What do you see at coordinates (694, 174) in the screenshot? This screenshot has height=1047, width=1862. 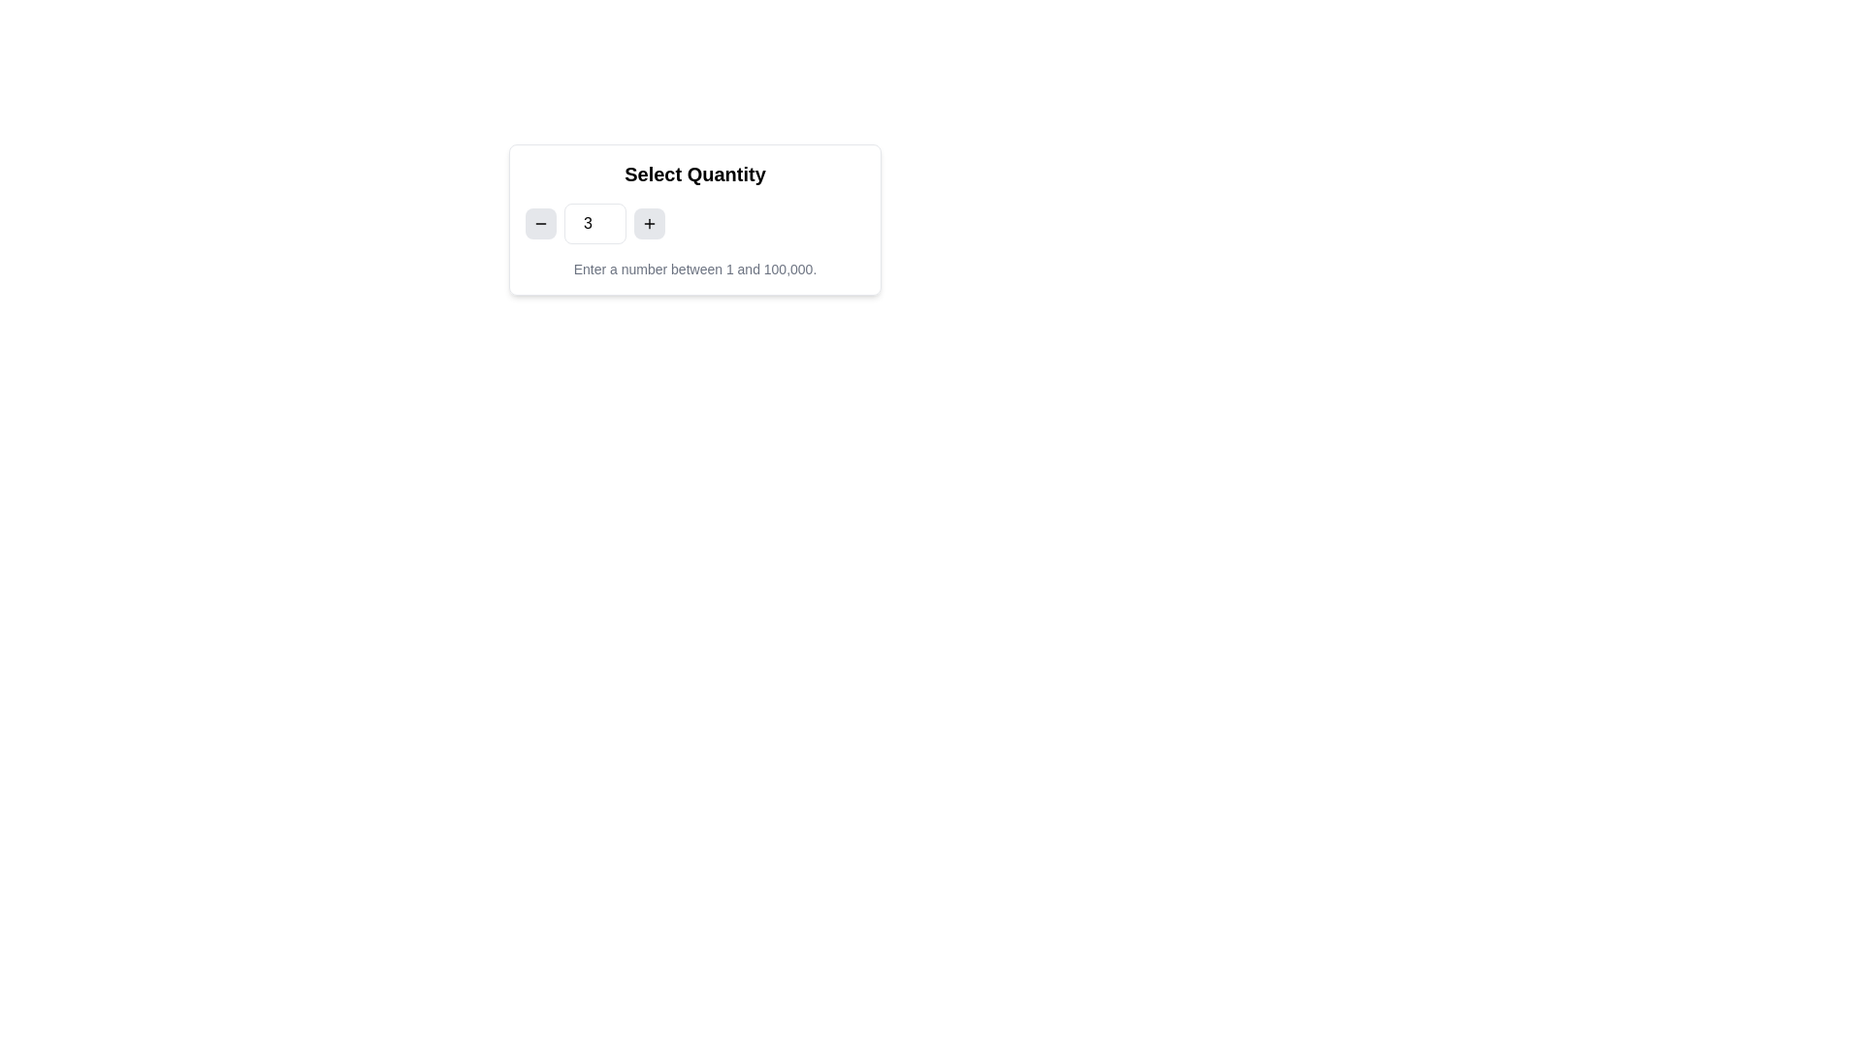 I see `the text heading that reads 'Select Quantity', which is positioned above the number input and quantity adjustment buttons` at bounding box center [694, 174].